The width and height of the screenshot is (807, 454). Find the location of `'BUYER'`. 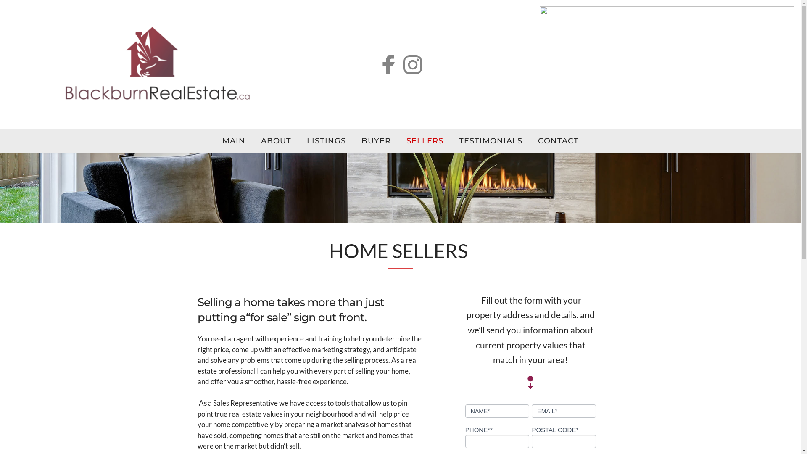

'BUYER' is located at coordinates (375, 140).